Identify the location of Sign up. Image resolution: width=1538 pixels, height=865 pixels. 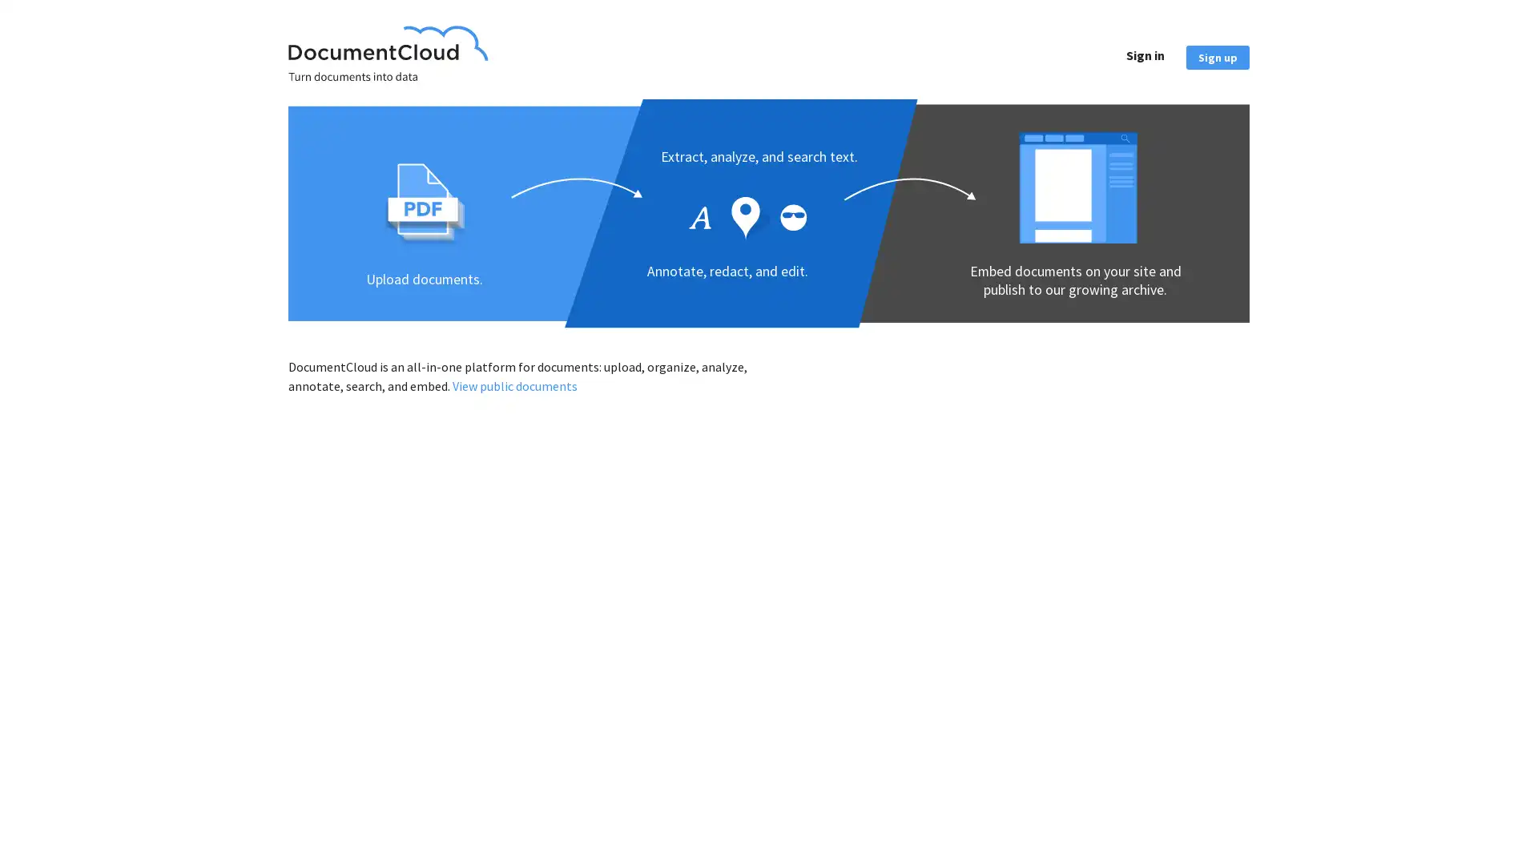
(1218, 55).